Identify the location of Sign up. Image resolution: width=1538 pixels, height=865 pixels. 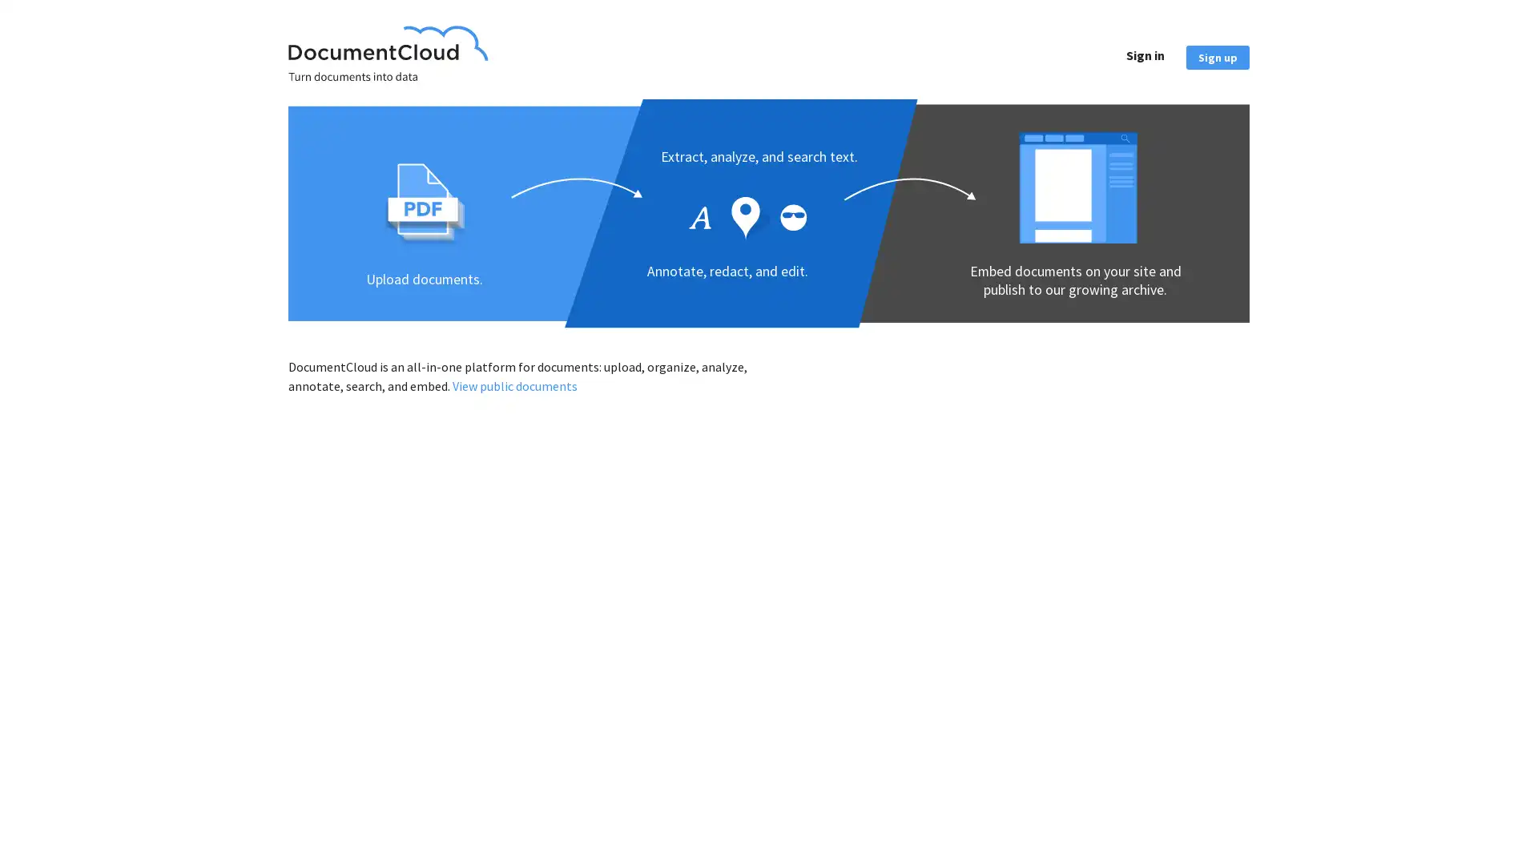
(1218, 55).